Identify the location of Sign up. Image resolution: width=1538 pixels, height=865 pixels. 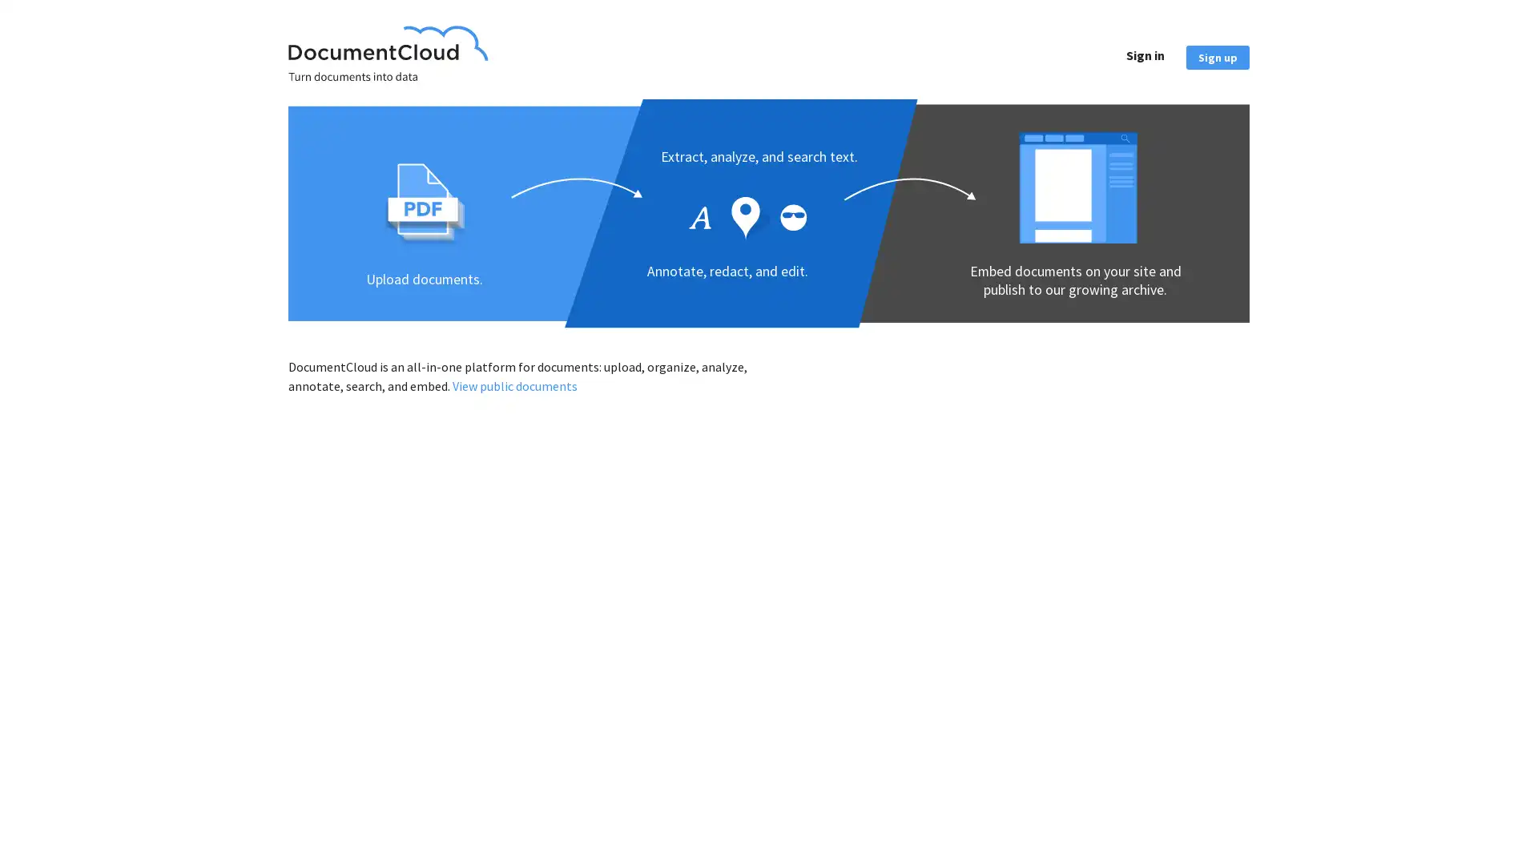
(1218, 55).